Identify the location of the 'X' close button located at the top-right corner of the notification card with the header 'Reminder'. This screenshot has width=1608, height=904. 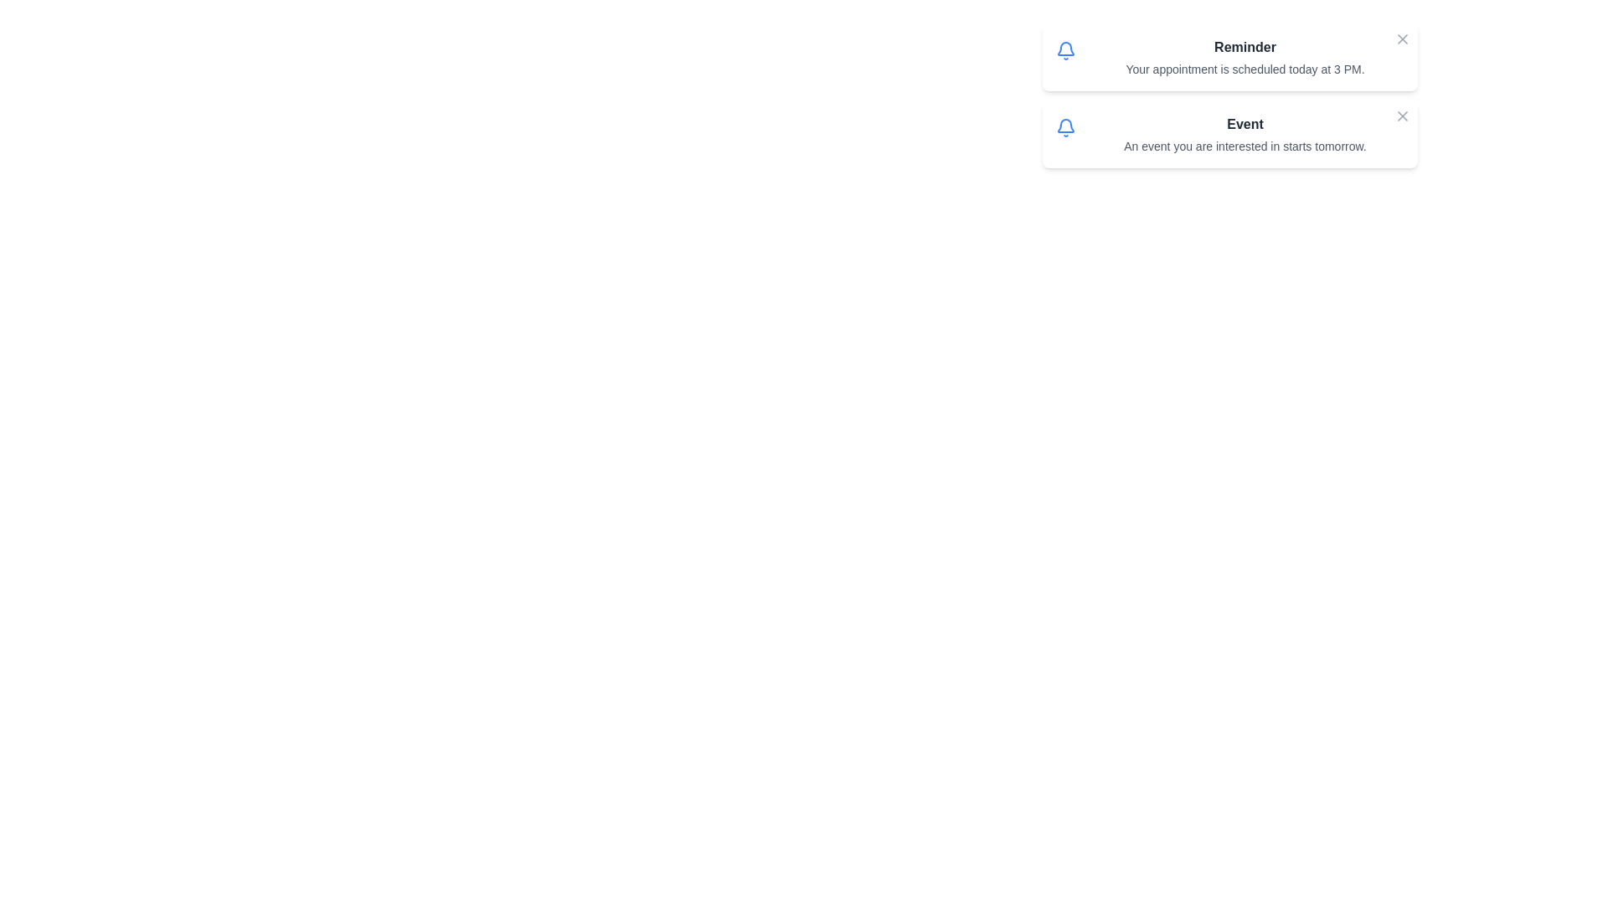
(1403, 38).